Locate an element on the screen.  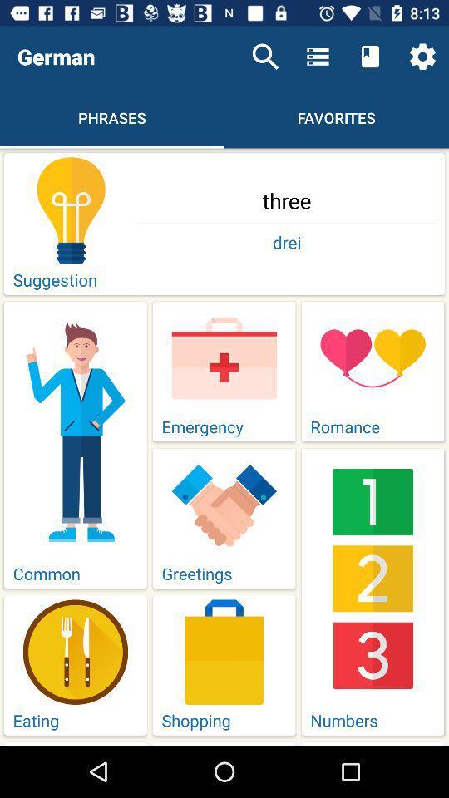
item next to the german item is located at coordinates (265, 57).